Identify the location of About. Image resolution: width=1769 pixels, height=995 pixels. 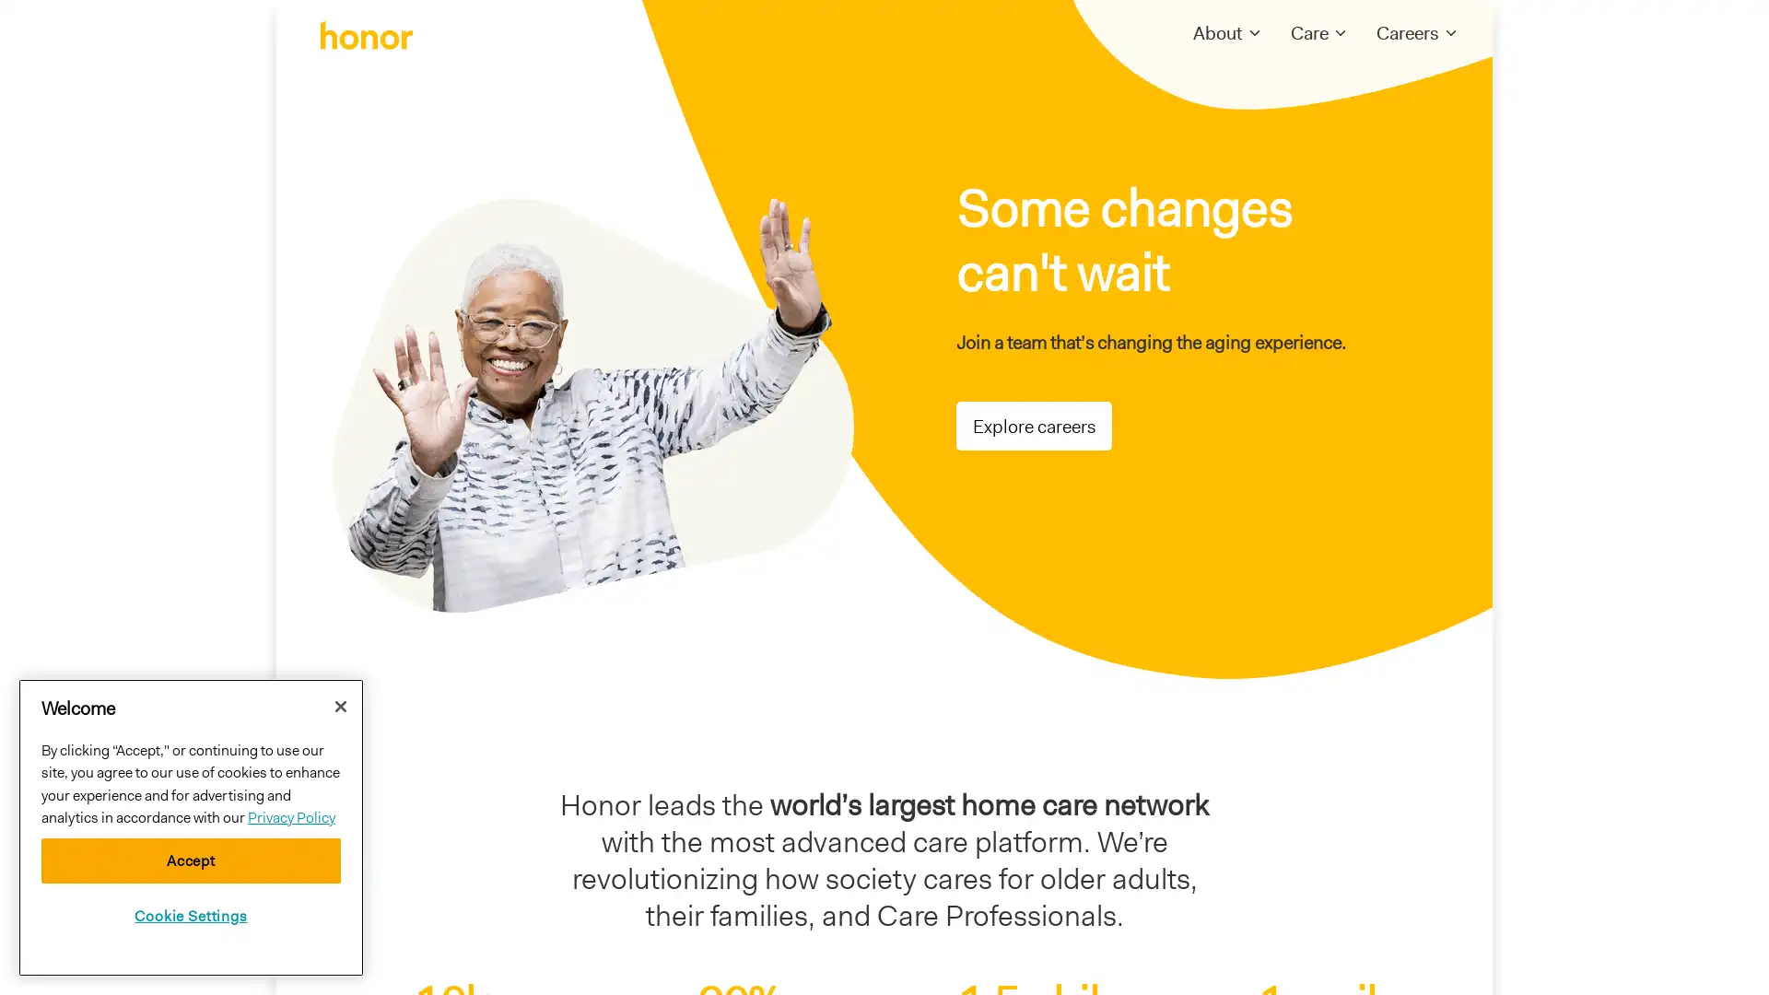
(1217, 32).